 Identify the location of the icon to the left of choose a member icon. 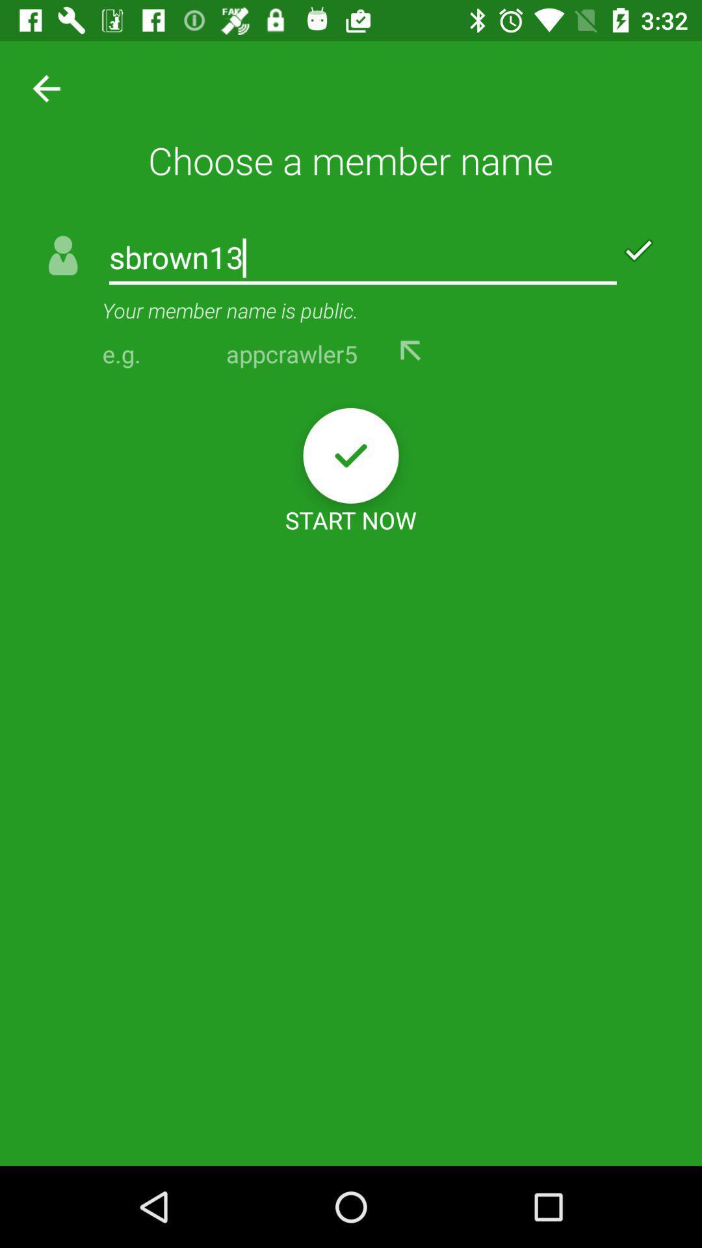
(41, 87).